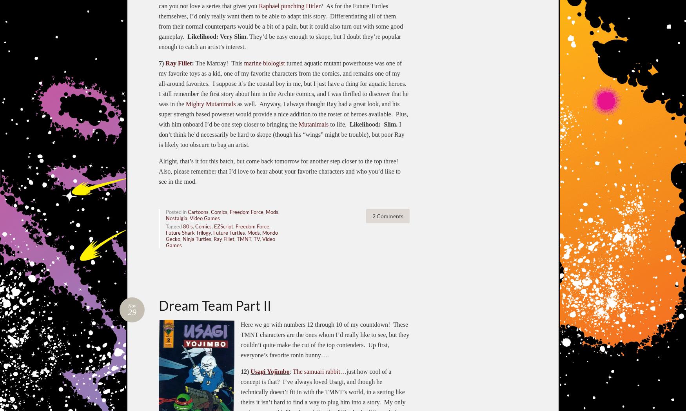 This screenshot has width=686, height=411. What do you see at coordinates (187, 212) in the screenshot?
I see `'Cartoons'` at bounding box center [187, 212].